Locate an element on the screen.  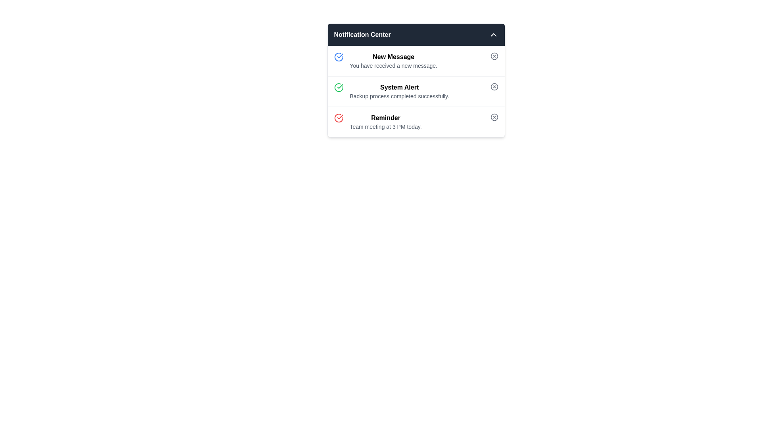
the central circular shape in the 'Reminder' notification row located in the lower-right corner of the display is located at coordinates (494, 117).